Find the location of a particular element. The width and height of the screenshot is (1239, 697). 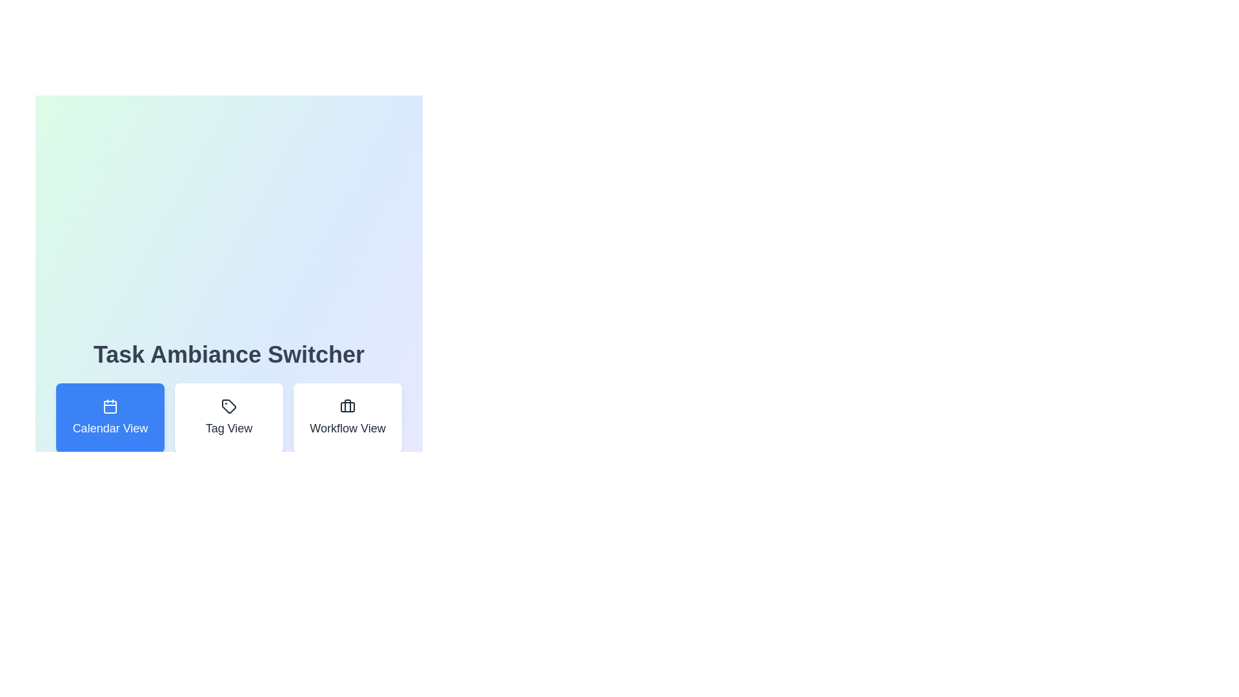

the 'Tag View' button which contains the main visual of the 'Tag View' icon is located at coordinates (229, 405).